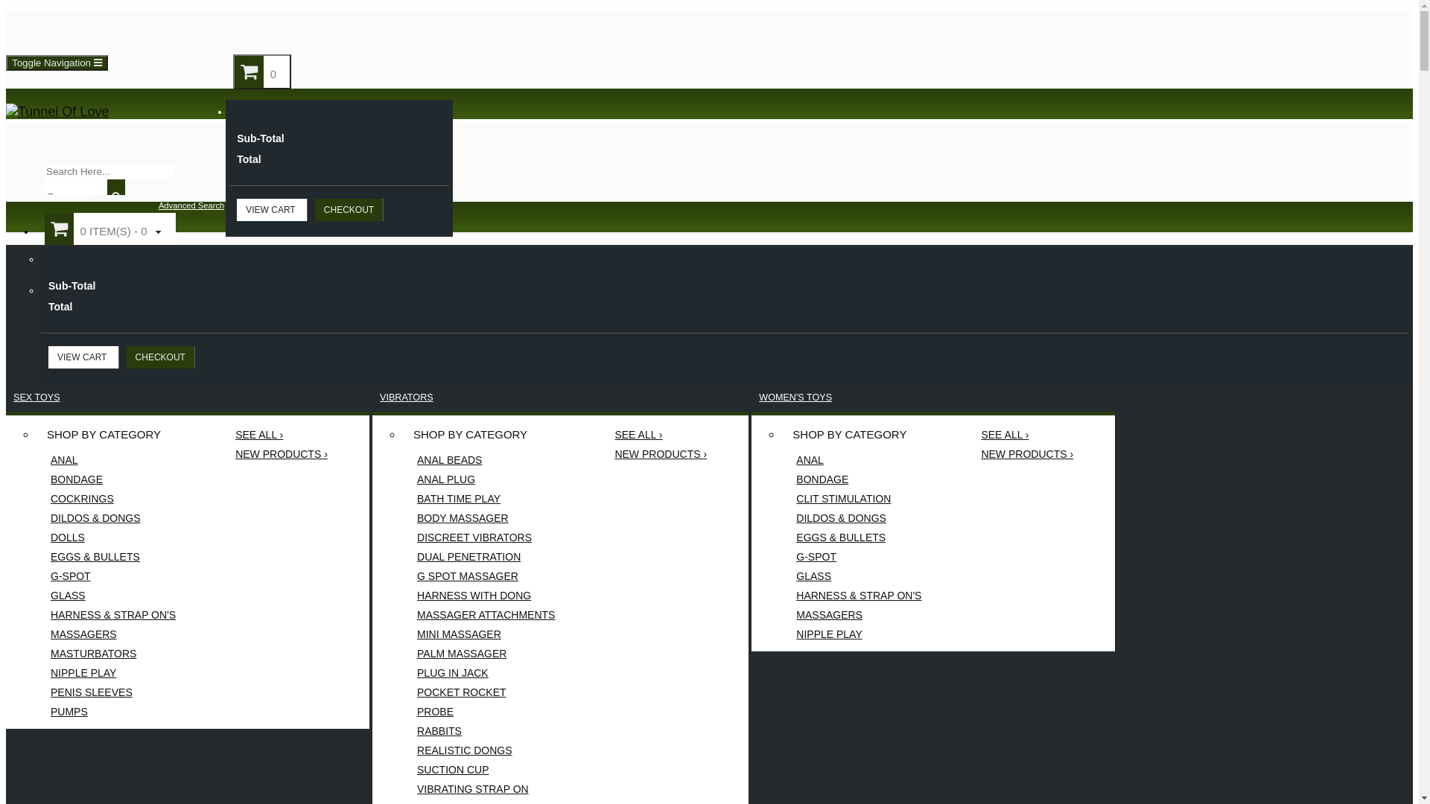 This screenshot has width=1430, height=804. Describe the element at coordinates (486, 692) in the screenshot. I see `'POCKET ROCKET'` at that location.